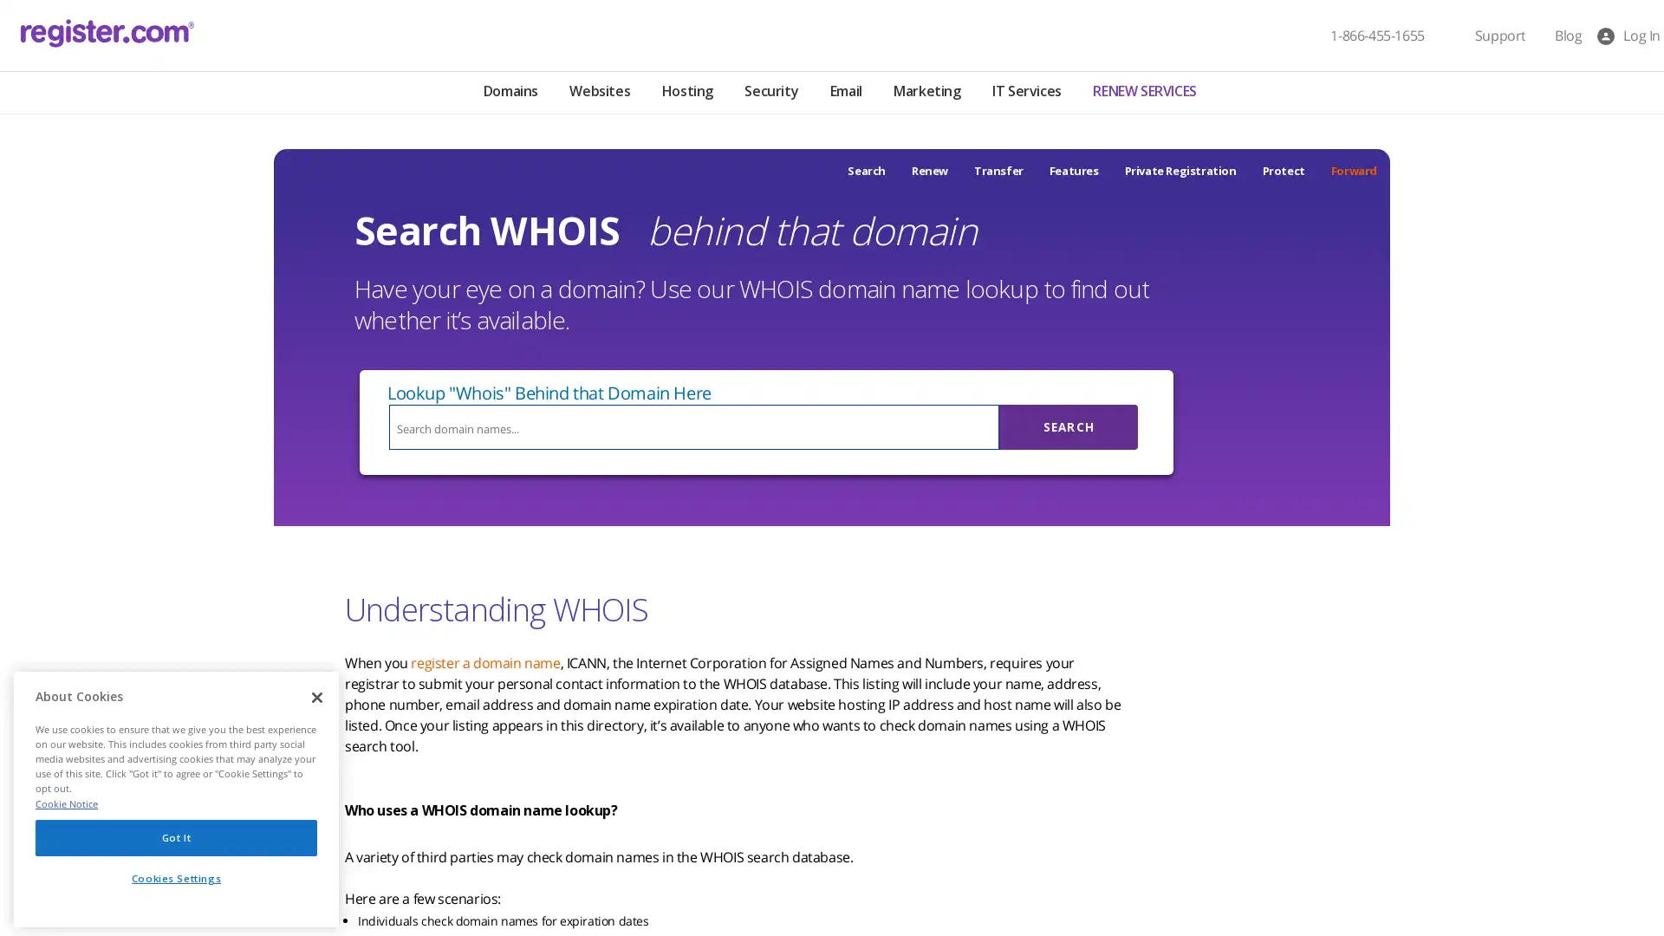  Describe the element at coordinates (926, 93) in the screenshot. I see `Marketing` at that location.